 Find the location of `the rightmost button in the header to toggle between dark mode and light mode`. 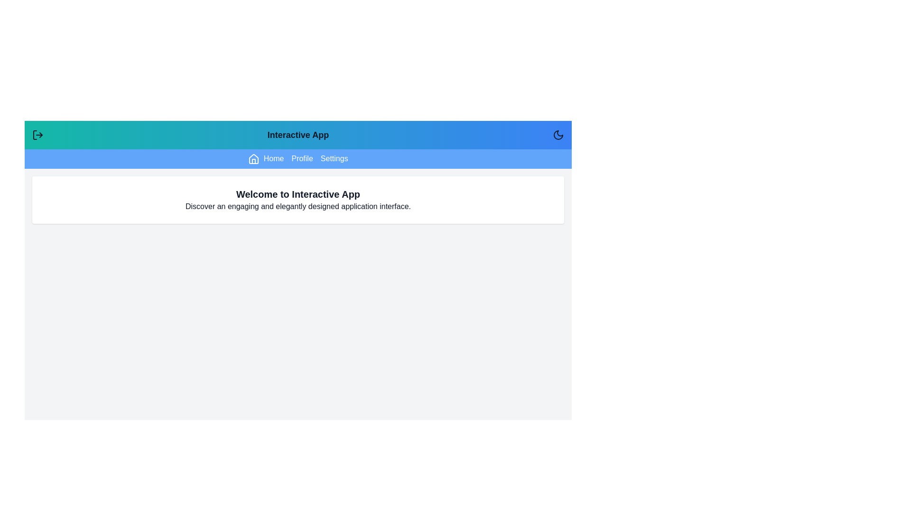

the rightmost button in the header to toggle between dark mode and light mode is located at coordinates (558, 135).